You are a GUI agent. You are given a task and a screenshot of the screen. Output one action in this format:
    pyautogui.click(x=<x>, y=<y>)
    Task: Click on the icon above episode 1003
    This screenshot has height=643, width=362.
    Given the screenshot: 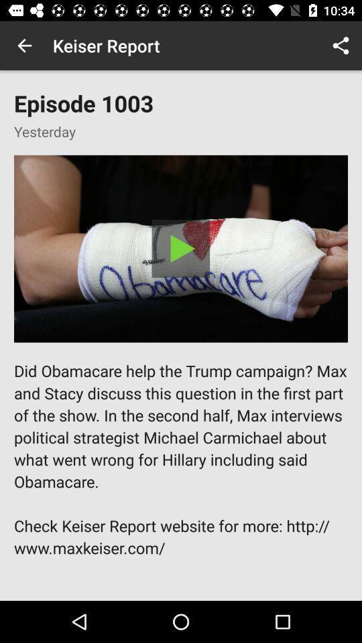 What is the action you would take?
    pyautogui.click(x=24, y=46)
    